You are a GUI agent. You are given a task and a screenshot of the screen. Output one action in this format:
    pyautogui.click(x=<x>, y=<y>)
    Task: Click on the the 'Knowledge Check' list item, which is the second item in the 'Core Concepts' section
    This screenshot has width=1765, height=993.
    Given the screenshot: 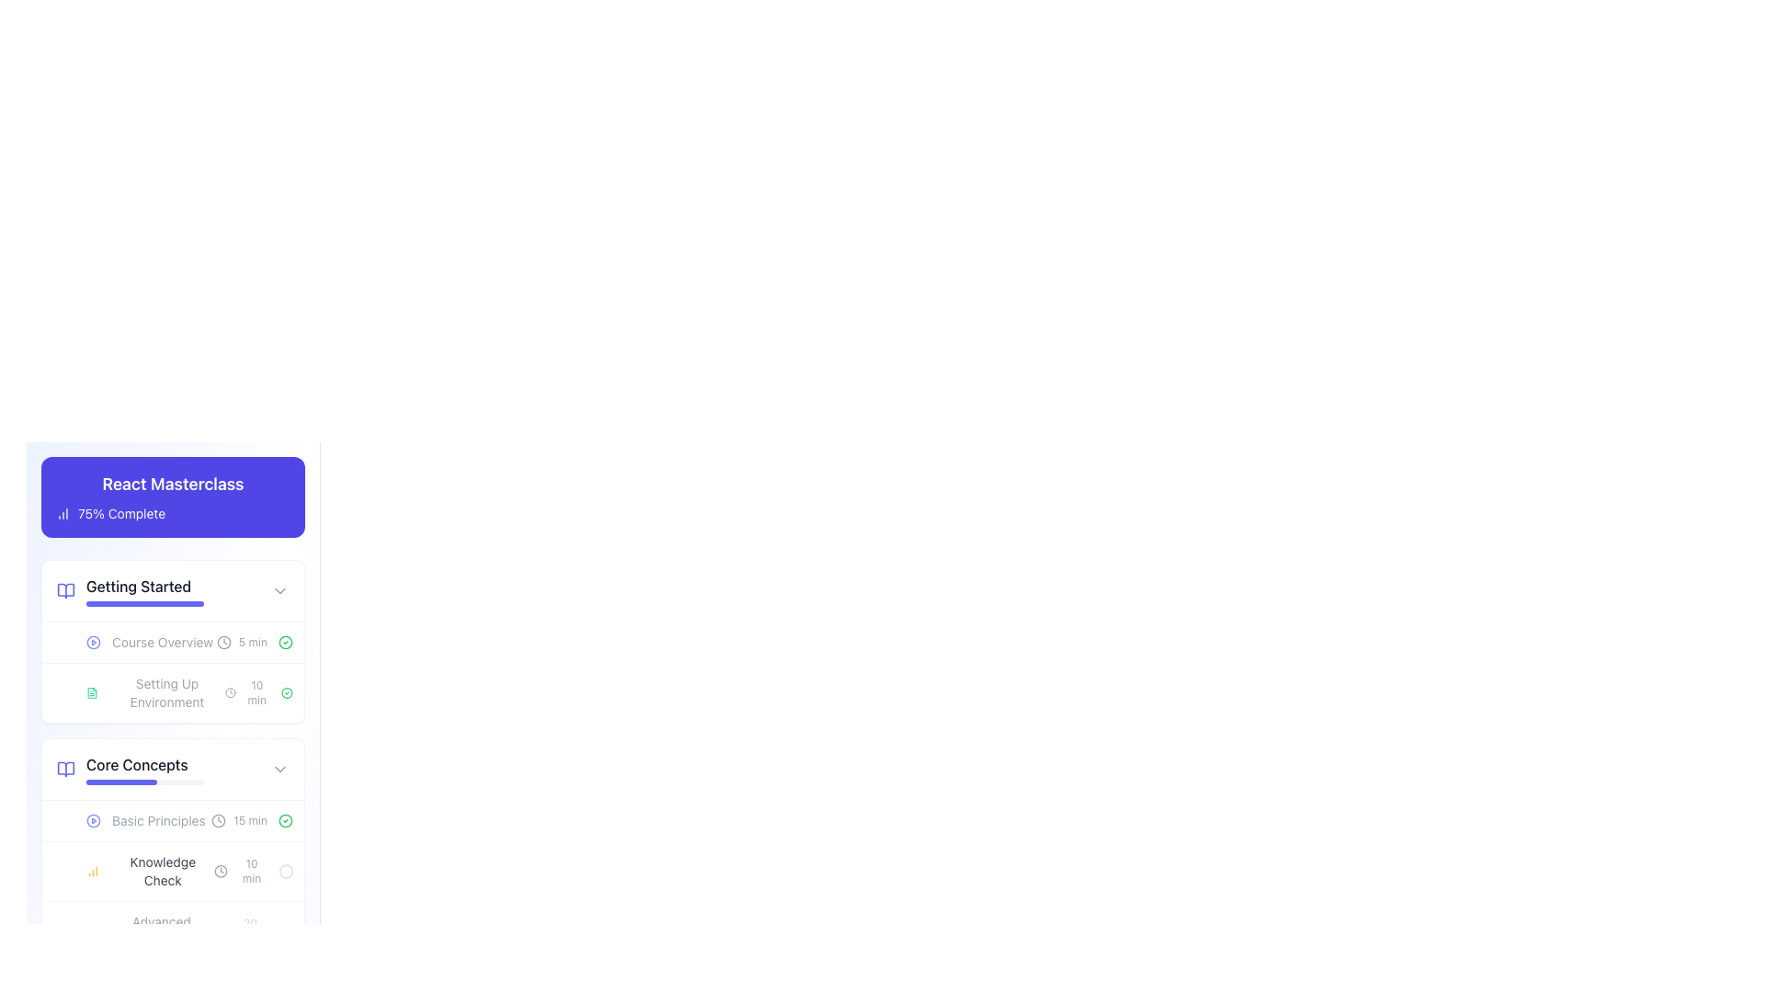 What is the action you would take?
    pyautogui.click(x=173, y=879)
    